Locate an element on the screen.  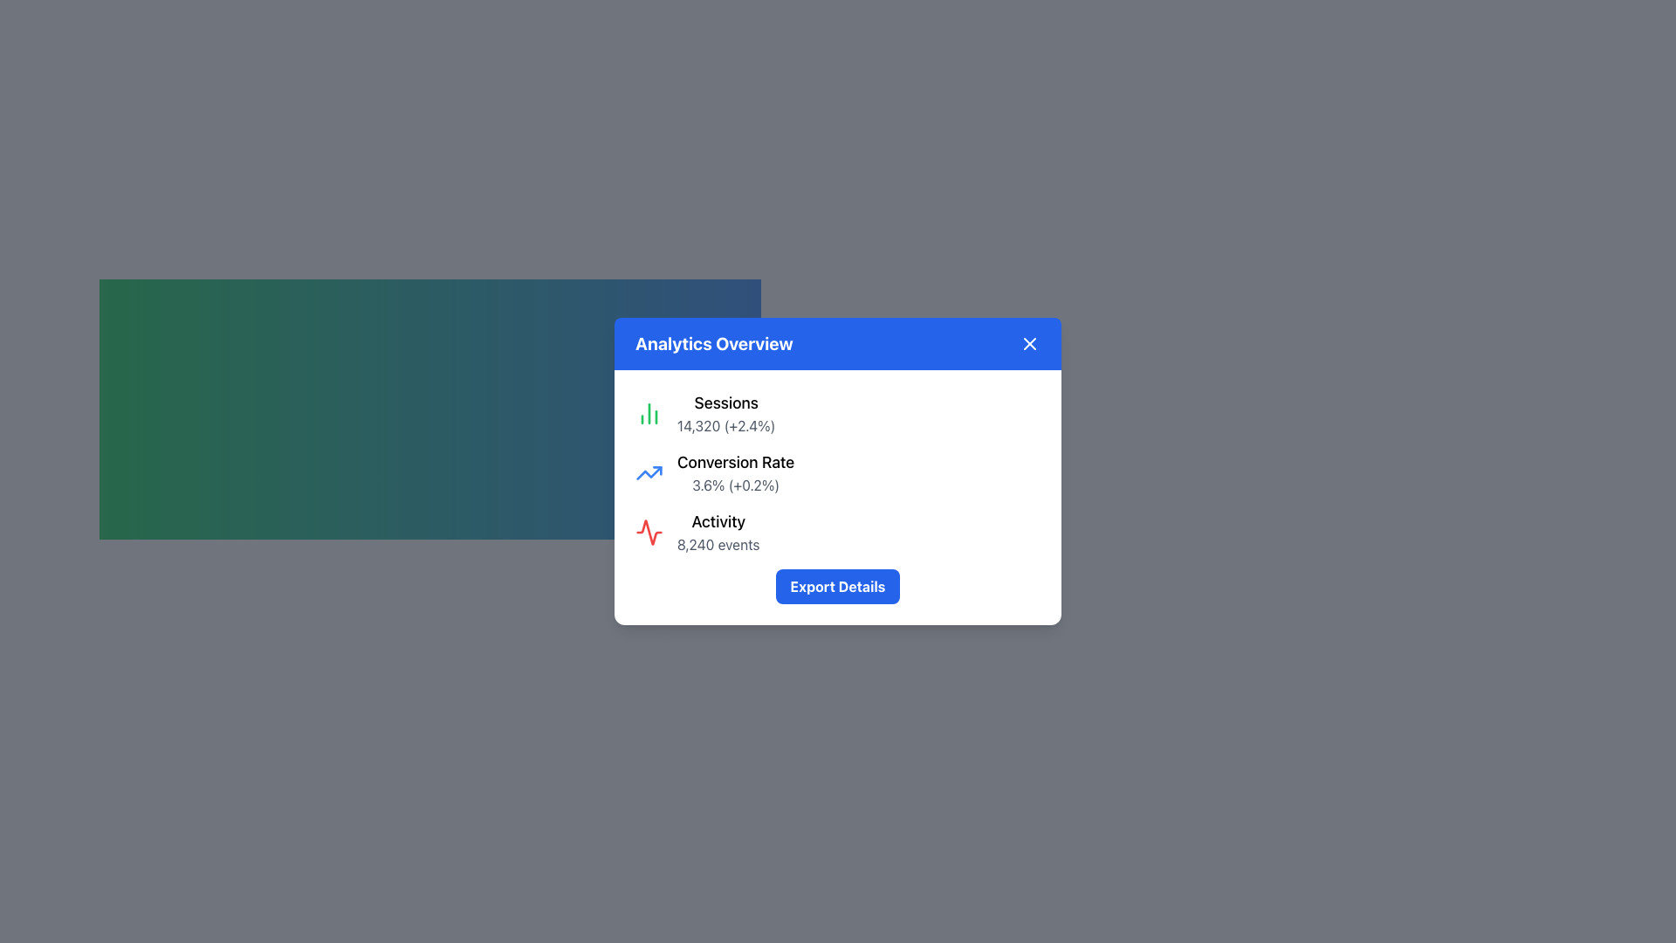
the label element that serves as a heading for the '8,240 events' data, which is positioned at the lower part of the white card element is located at coordinates (718, 520).